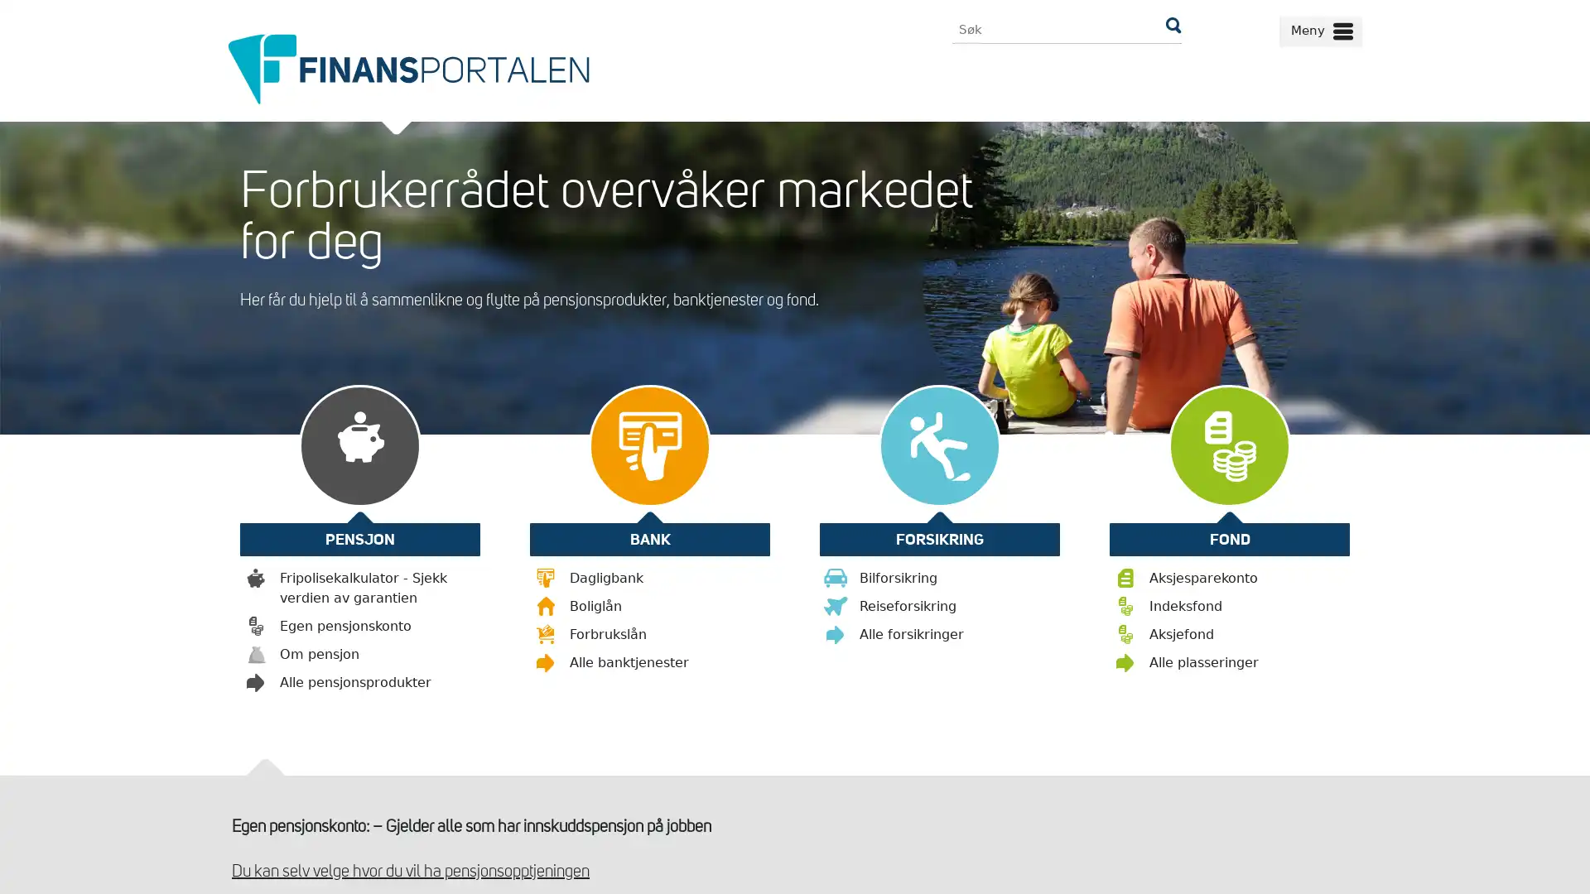  Describe the element at coordinates (1172, 29) in the screenshot. I see `Knapp for sk` at that location.